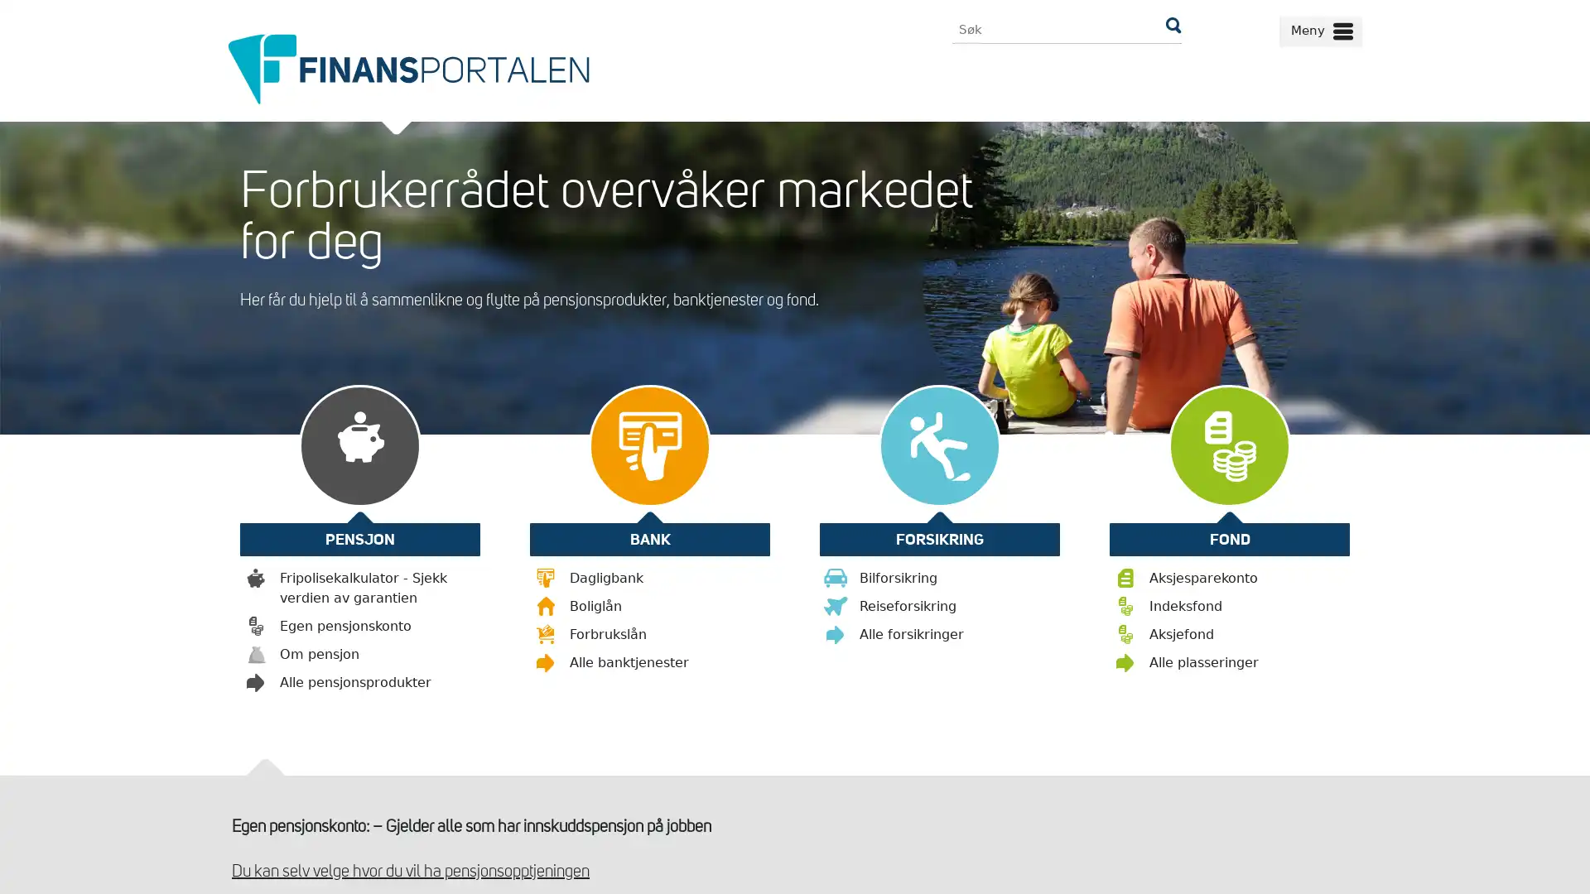  Describe the element at coordinates (1172, 29) in the screenshot. I see `Knapp for sk` at that location.